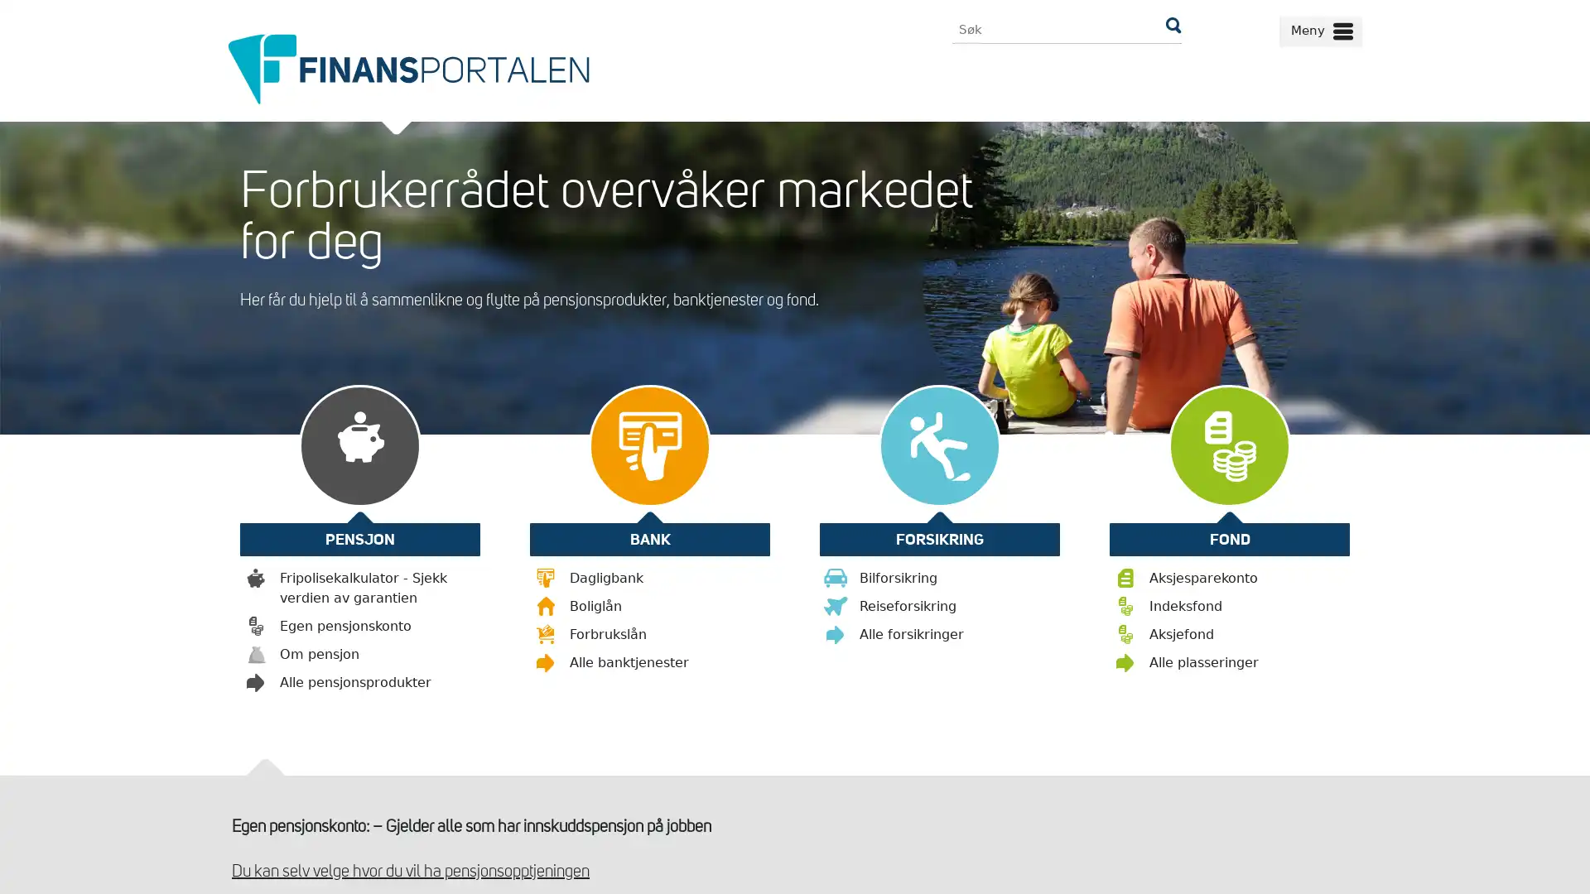  Describe the element at coordinates (1172, 29) in the screenshot. I see `Knapp for sk` at that location.